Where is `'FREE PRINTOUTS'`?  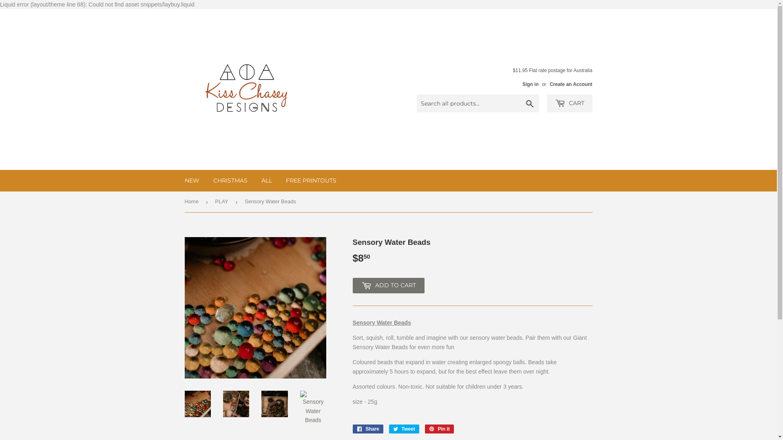 'FREE PRINTOUTS' is located at coordinates (311, 180).